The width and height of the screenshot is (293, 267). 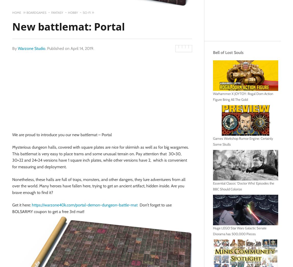 I want to click on 'Mysterious dungeon halls, covered with square plates are nice for skirmish as well as for big wargames. This battlemat is very easy to place trams and some unusual terrain on. Pay attention that  30×30, 30×22 and 24×24 versions have 1 square inch plates, while other versions have 2,  which is convenient for measuring and deployment.', so click(x=100, y=157).